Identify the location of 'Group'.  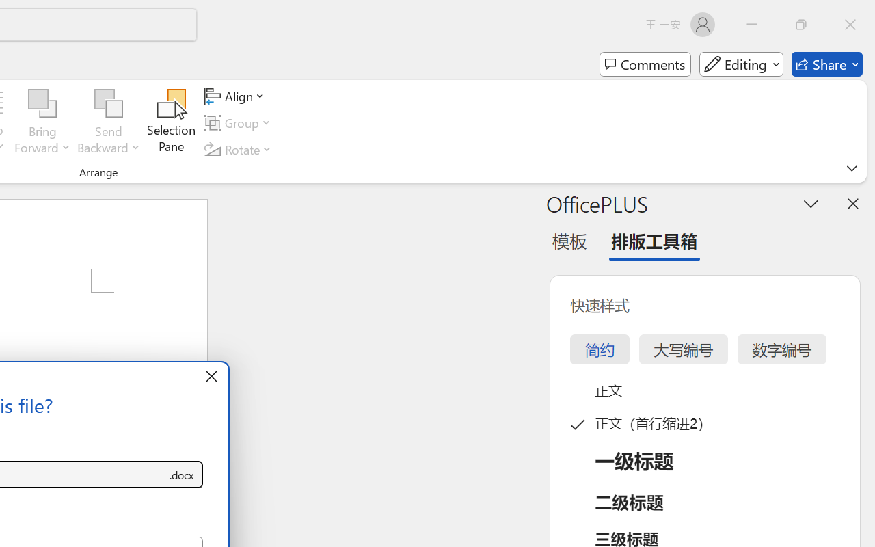
(240, 122).